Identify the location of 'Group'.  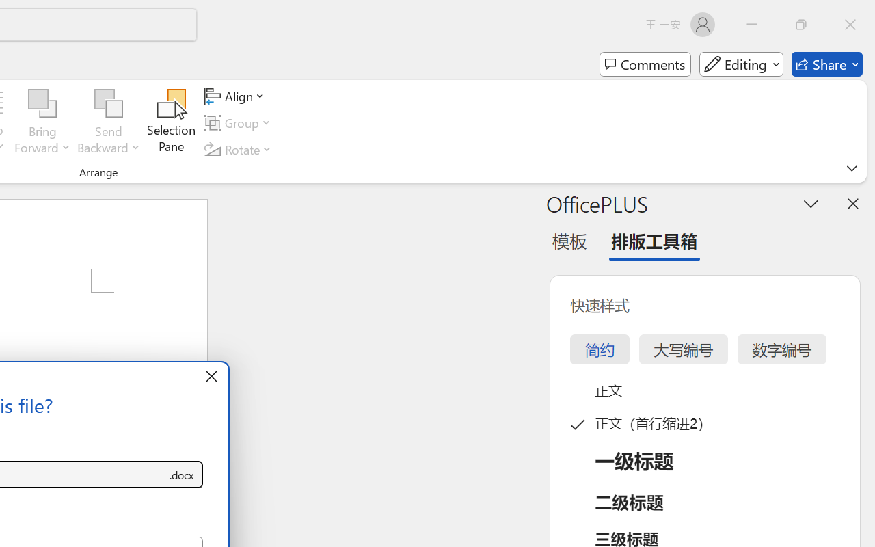
(240, 122).